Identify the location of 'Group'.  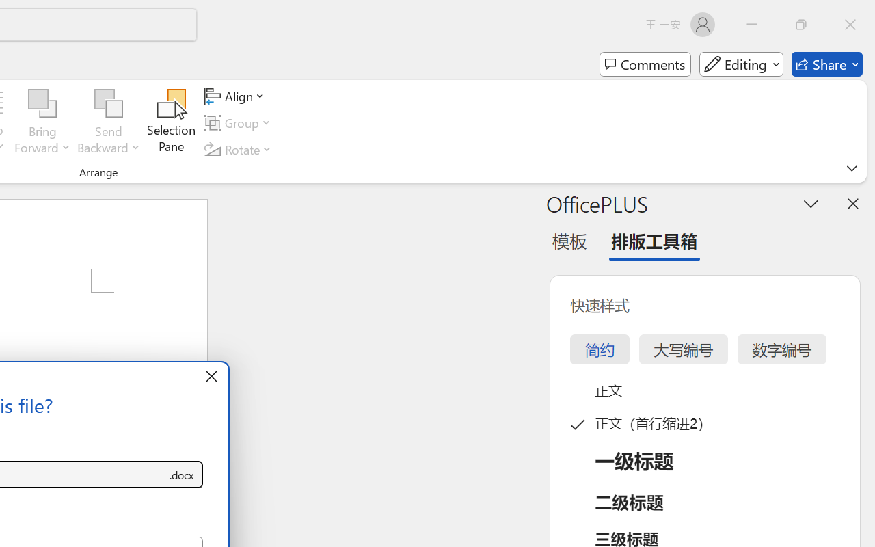
(240, 122).